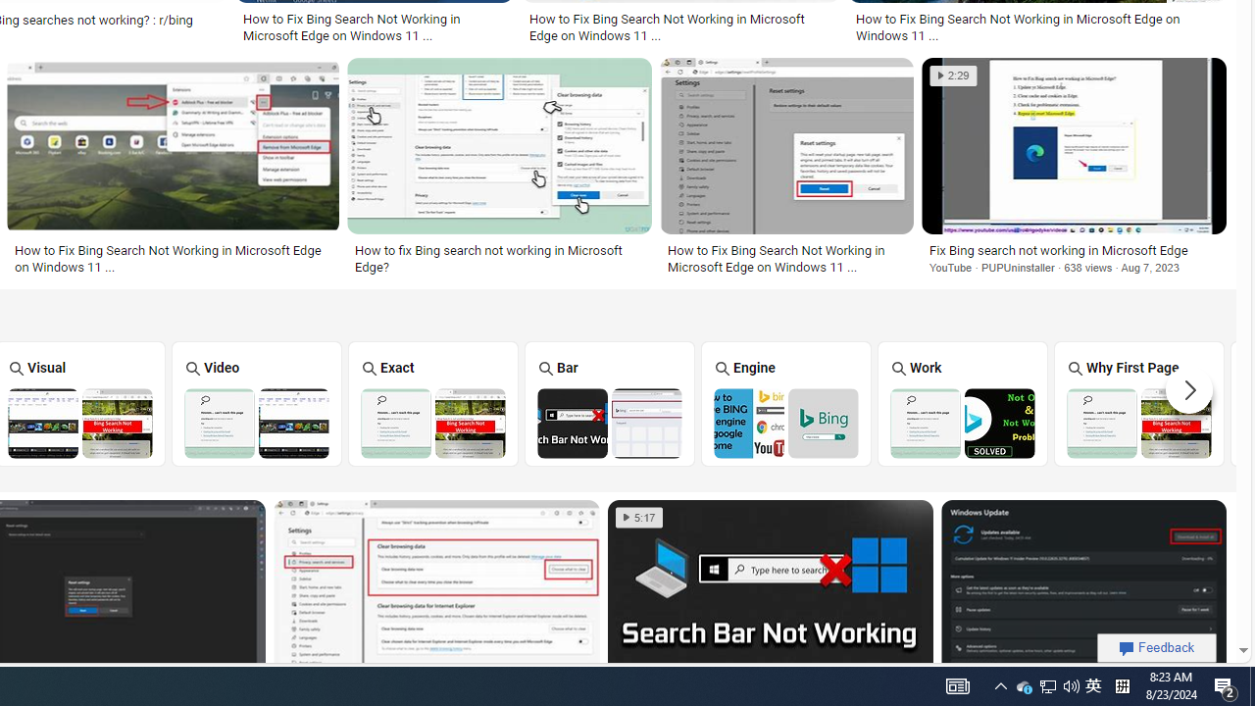  What do you see at coordinates (785, 402) in the screenshot?
I see `'Engine'` at bounding box center [785, 402].